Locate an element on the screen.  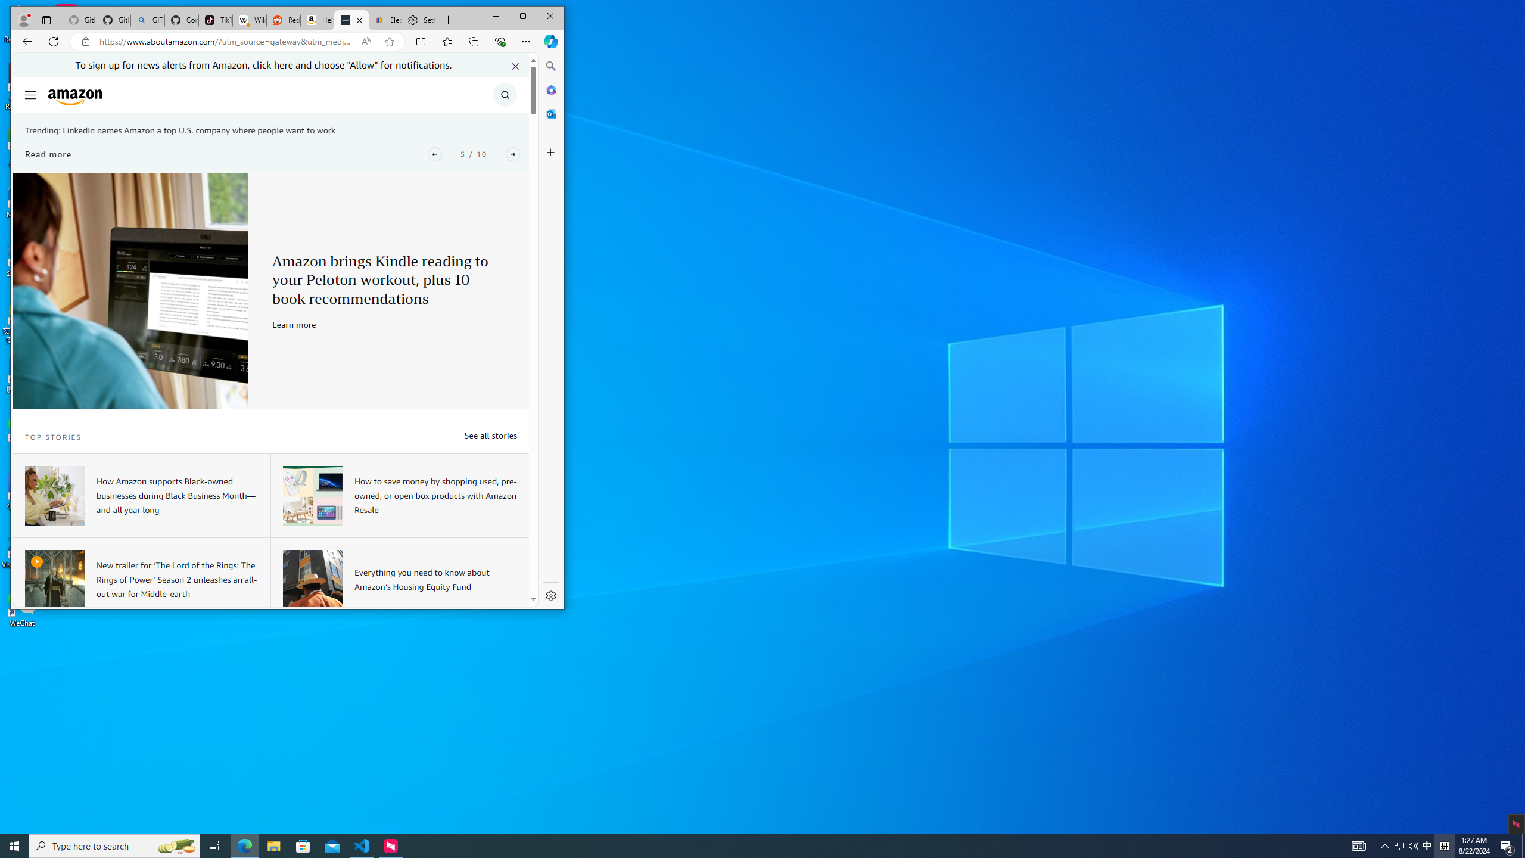
'User Promoted Notification Area' is located at coordinates (1406, 845).